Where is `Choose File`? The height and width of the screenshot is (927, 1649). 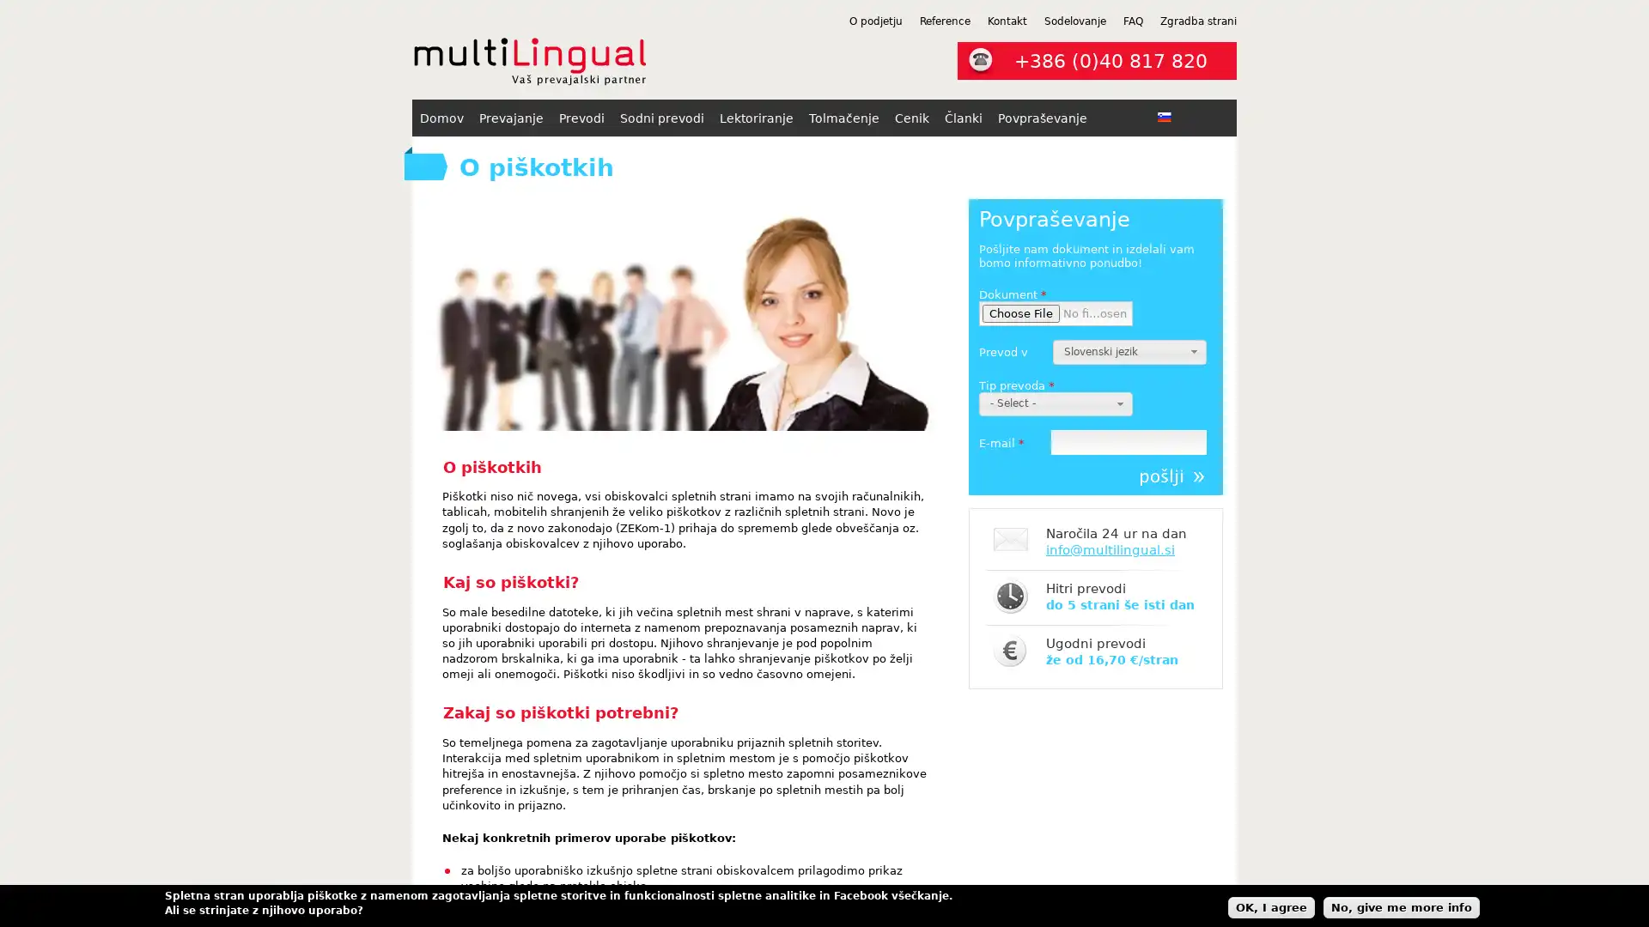 Choose File is located at coordinates (1021, 313).